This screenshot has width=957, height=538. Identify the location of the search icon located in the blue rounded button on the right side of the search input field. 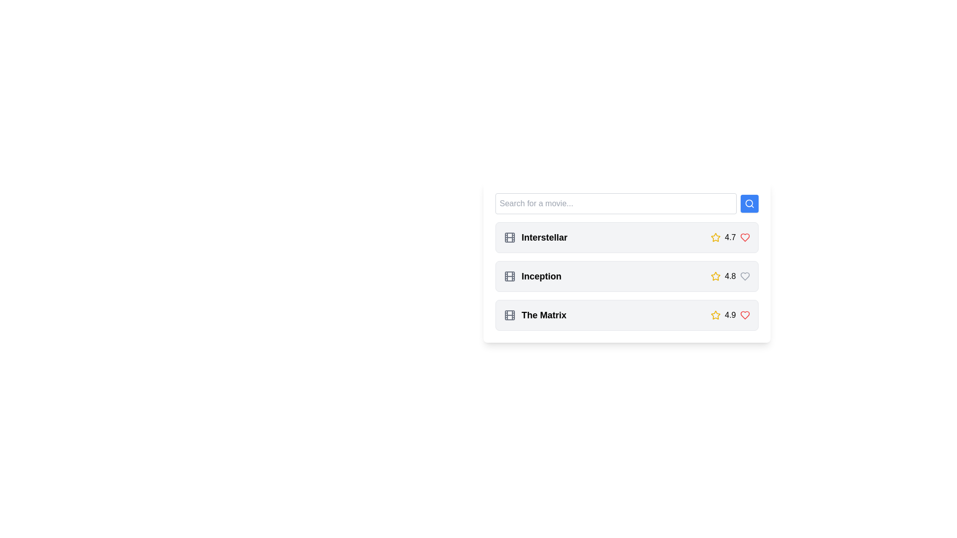
(749, 203).